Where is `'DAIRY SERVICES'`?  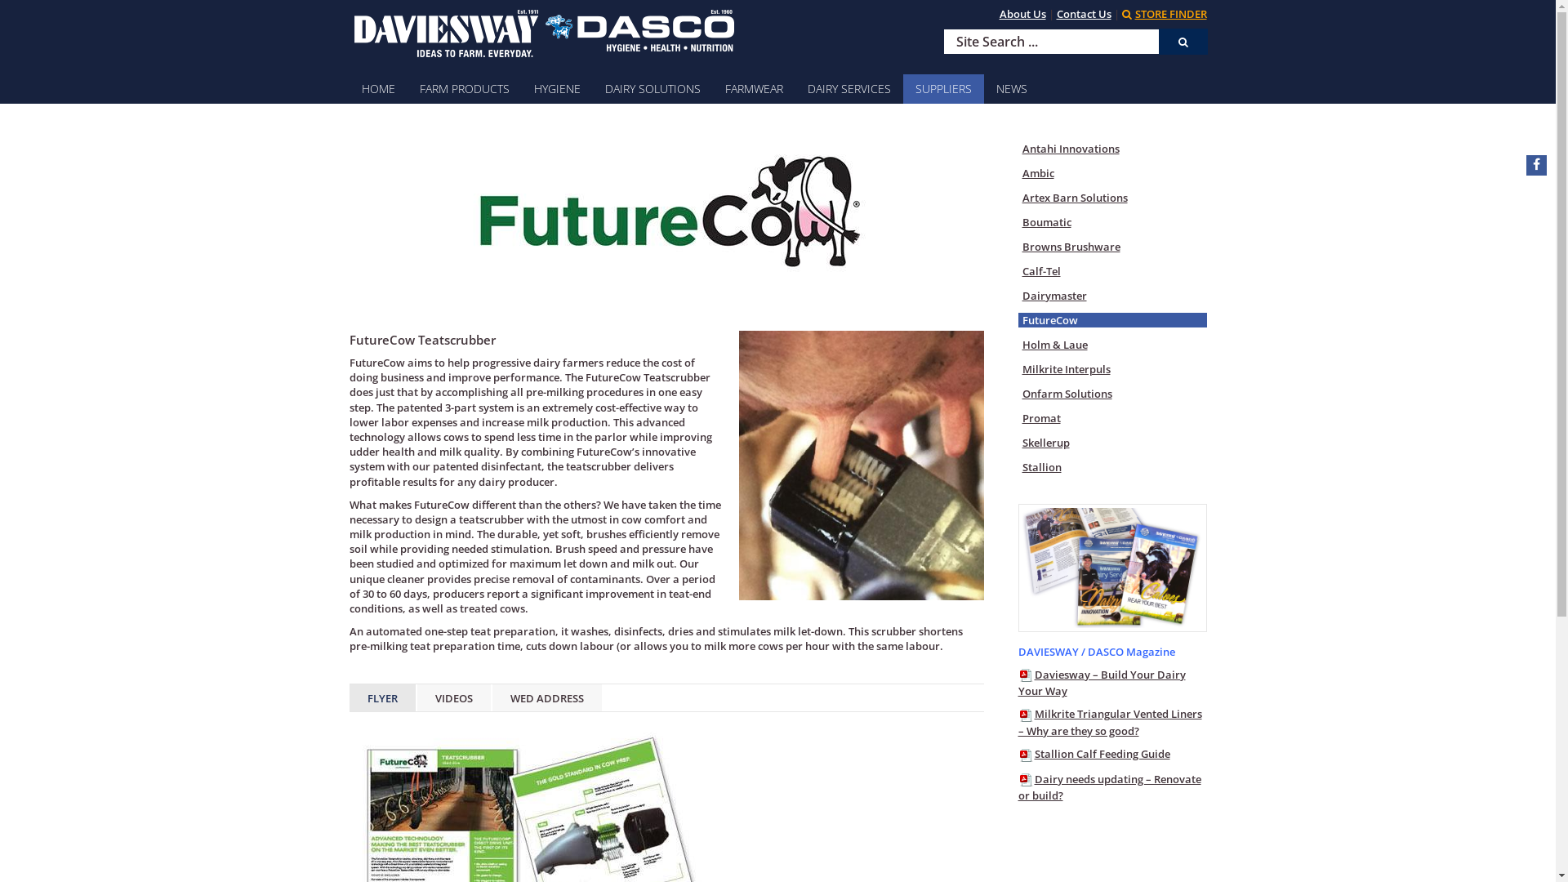 'DAIRY SERVICES' is located at coordinates (849, 88).